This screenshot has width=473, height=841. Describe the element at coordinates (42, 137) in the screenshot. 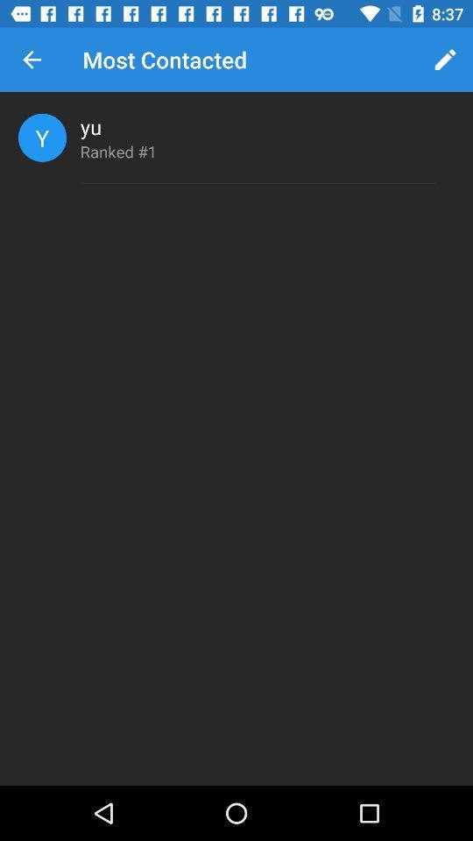

I see `the icon next to the yu icon` at that location.